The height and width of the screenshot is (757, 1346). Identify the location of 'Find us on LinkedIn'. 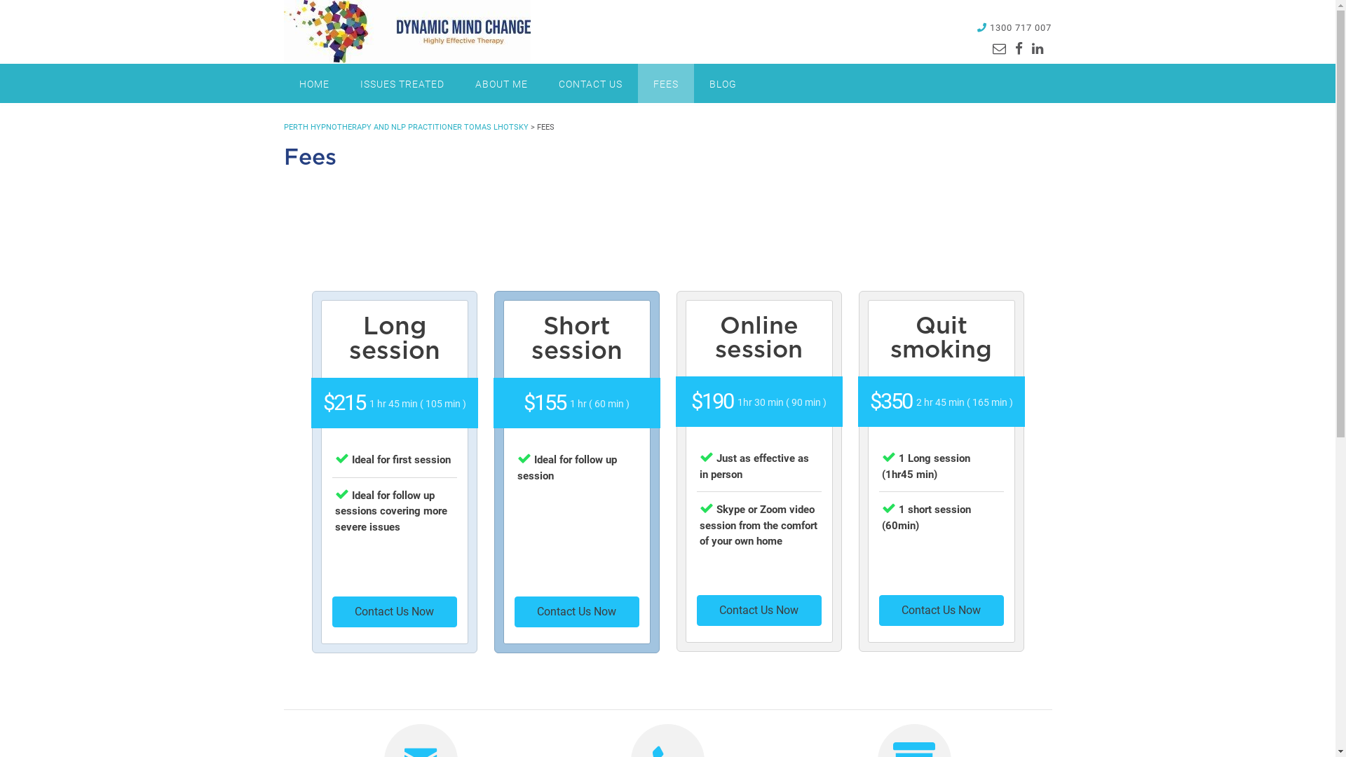
(1037, 48).